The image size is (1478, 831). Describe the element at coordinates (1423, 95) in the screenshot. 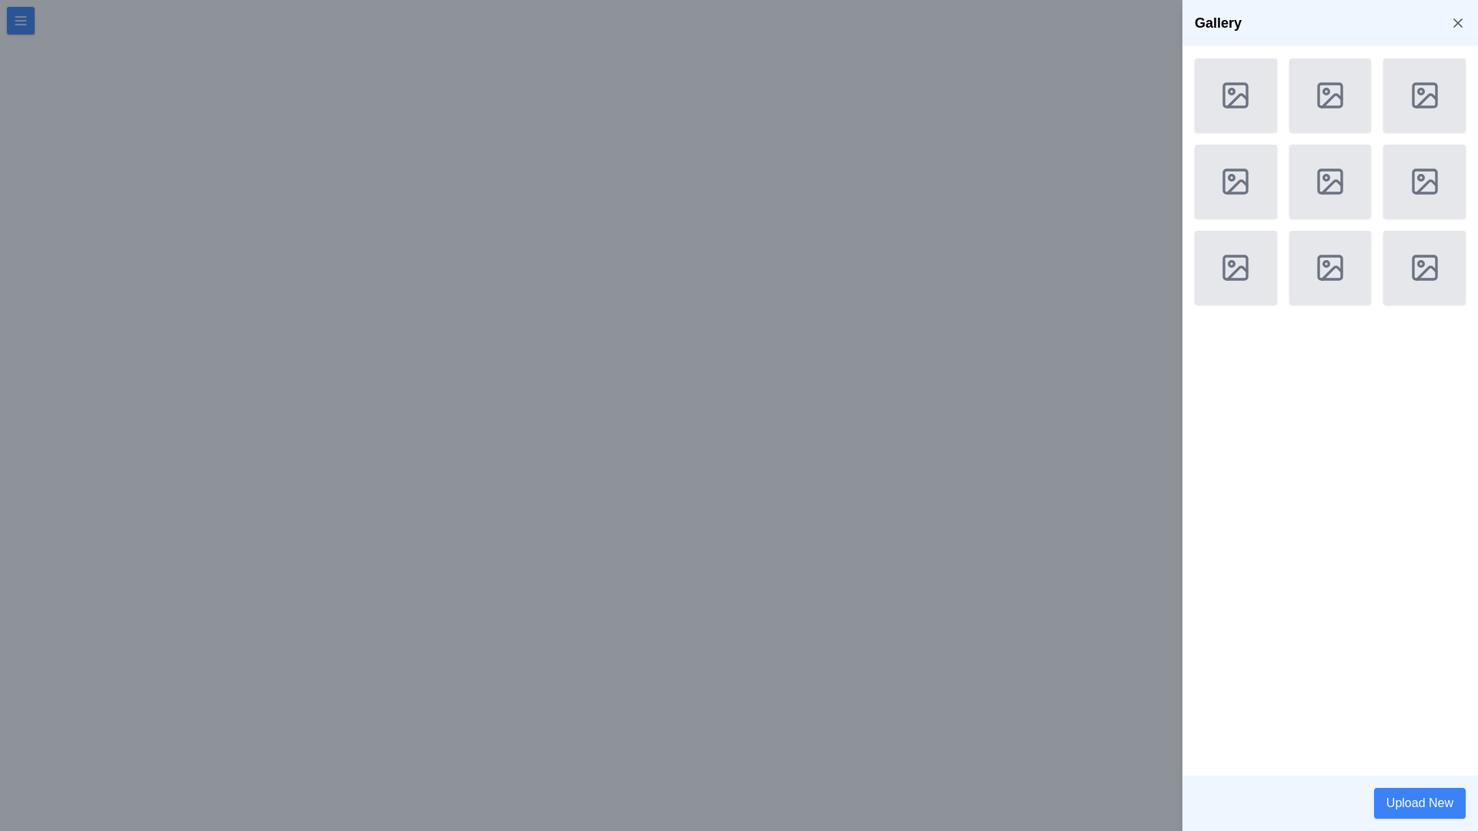

I see `the minimalistic image placeholder icon located within a light gray rectangular background, which is the fourth icon in the top row of a 3x3 grid layout in the right panel of the interface` at that location.